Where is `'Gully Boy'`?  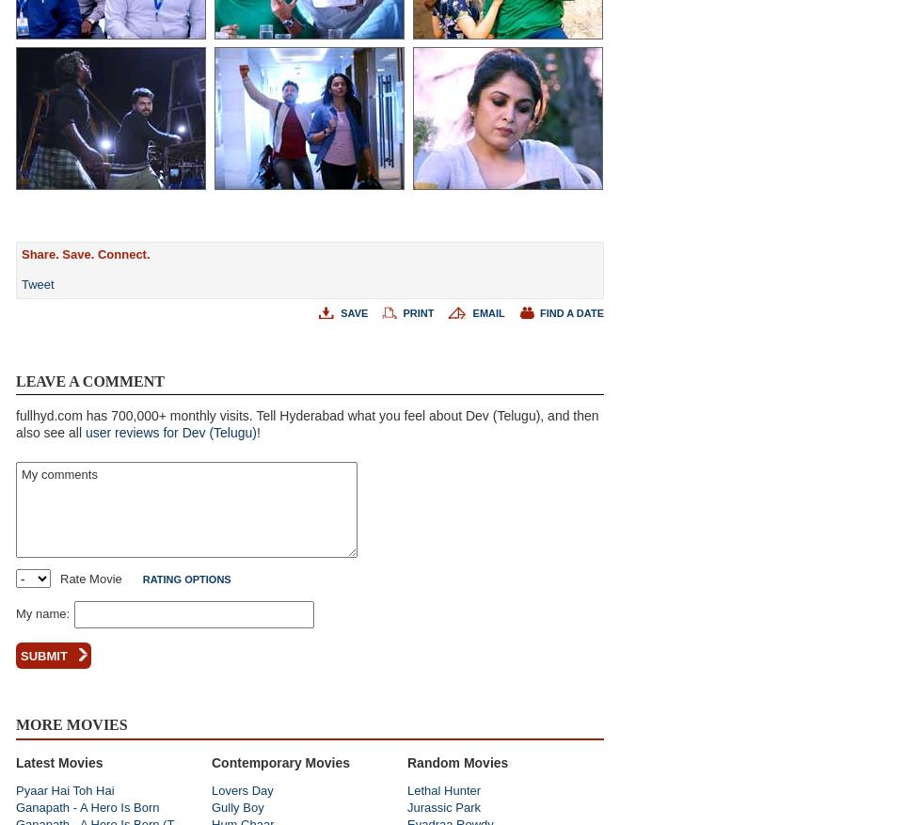
'Gully Boy' is located at coordinates (236, 806).